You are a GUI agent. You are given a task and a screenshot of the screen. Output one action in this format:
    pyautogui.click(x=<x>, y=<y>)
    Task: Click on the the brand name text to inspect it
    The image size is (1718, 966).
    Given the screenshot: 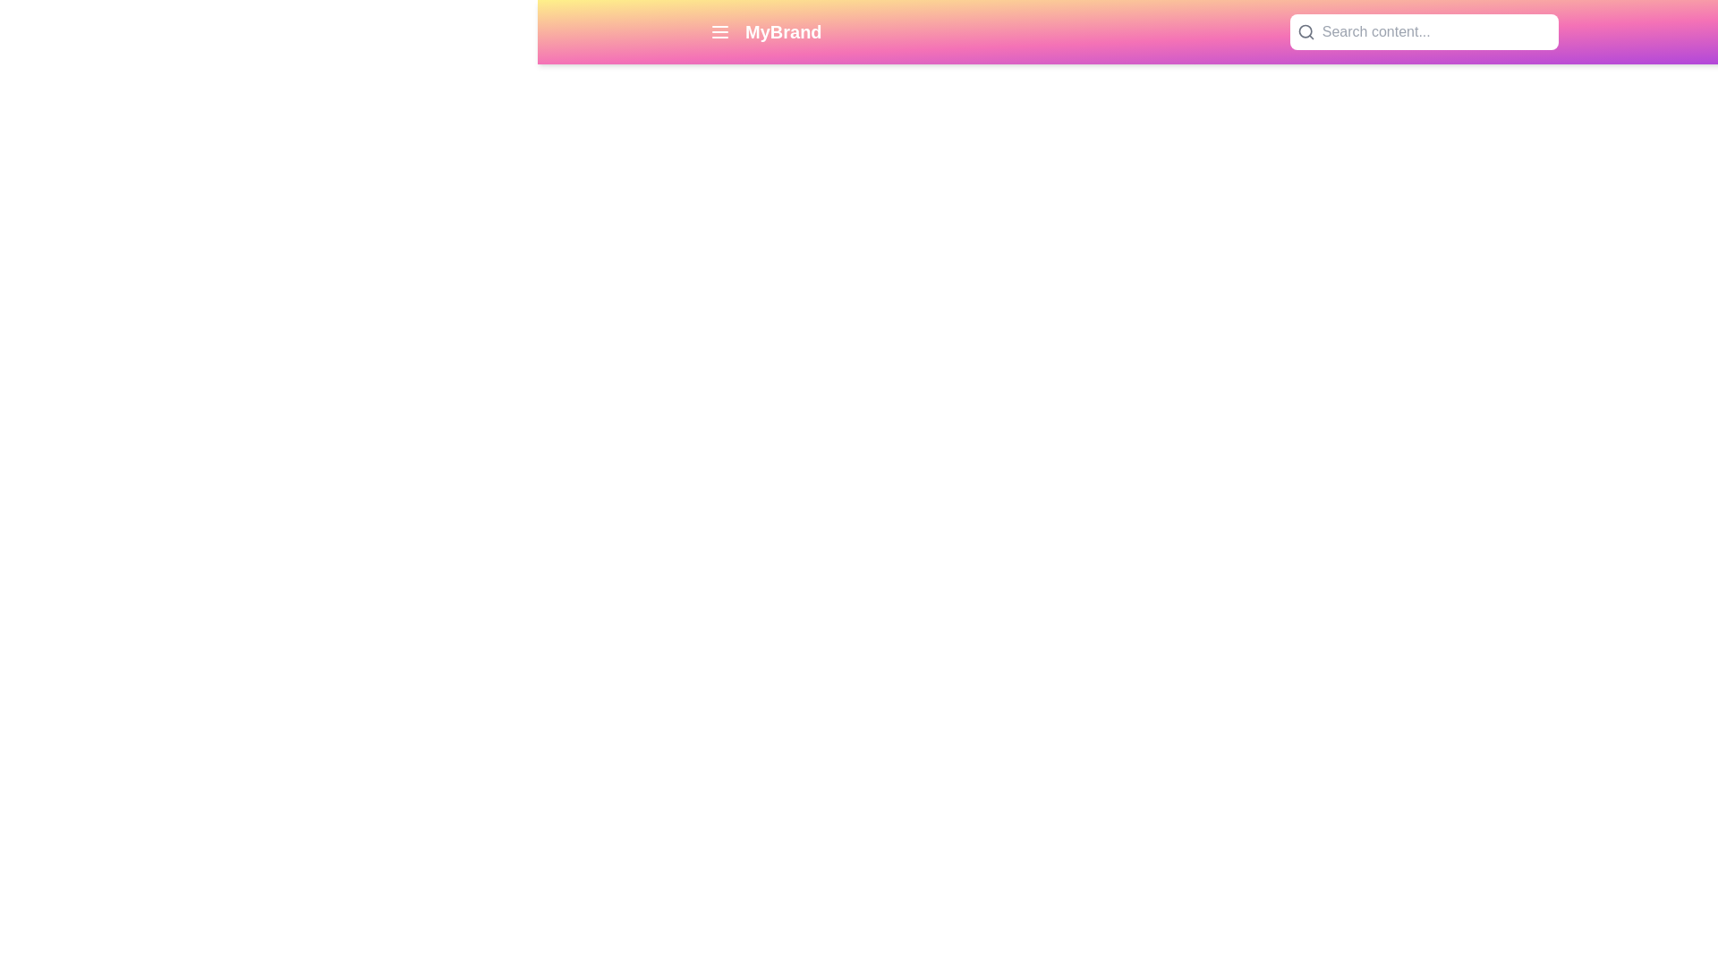 What is the action you would take?
    pyautogui.click(x=783, y=31)
    